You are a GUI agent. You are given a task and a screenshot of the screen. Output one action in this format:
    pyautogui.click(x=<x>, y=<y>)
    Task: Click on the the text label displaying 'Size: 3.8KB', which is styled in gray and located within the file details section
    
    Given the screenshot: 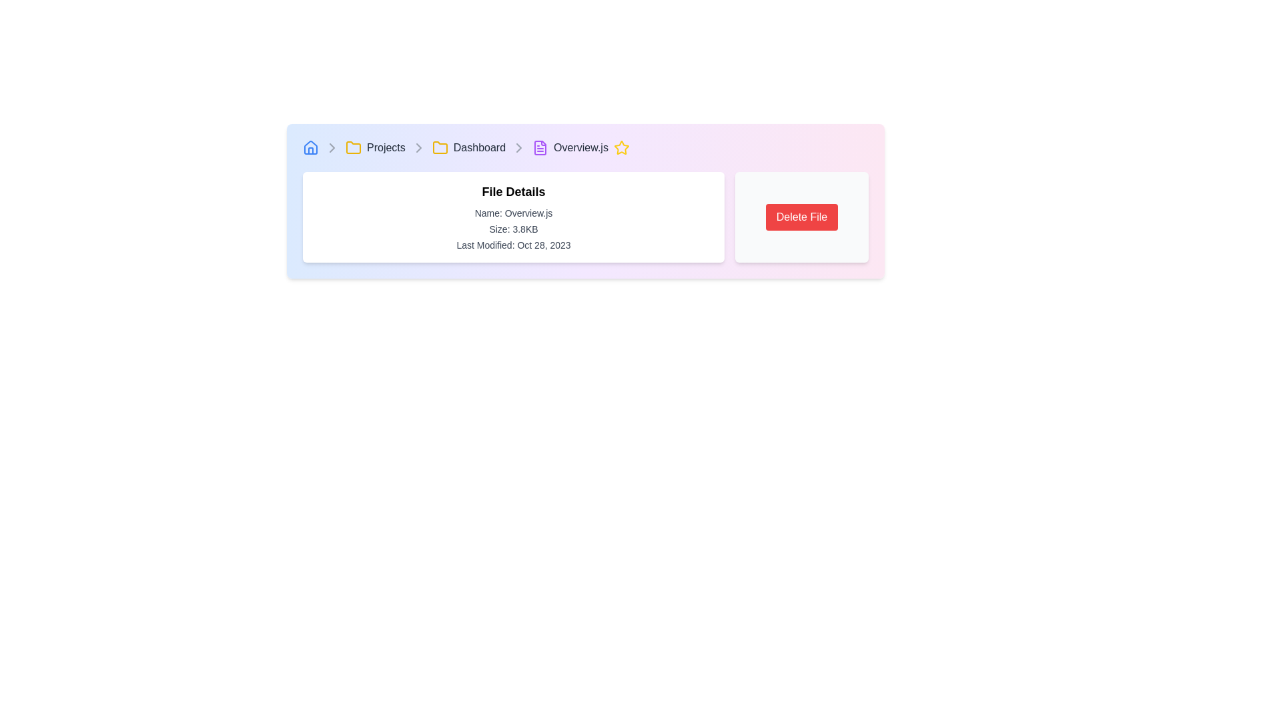 What is the action you would take?
    pyautogui.click(x=512, y=228)
    